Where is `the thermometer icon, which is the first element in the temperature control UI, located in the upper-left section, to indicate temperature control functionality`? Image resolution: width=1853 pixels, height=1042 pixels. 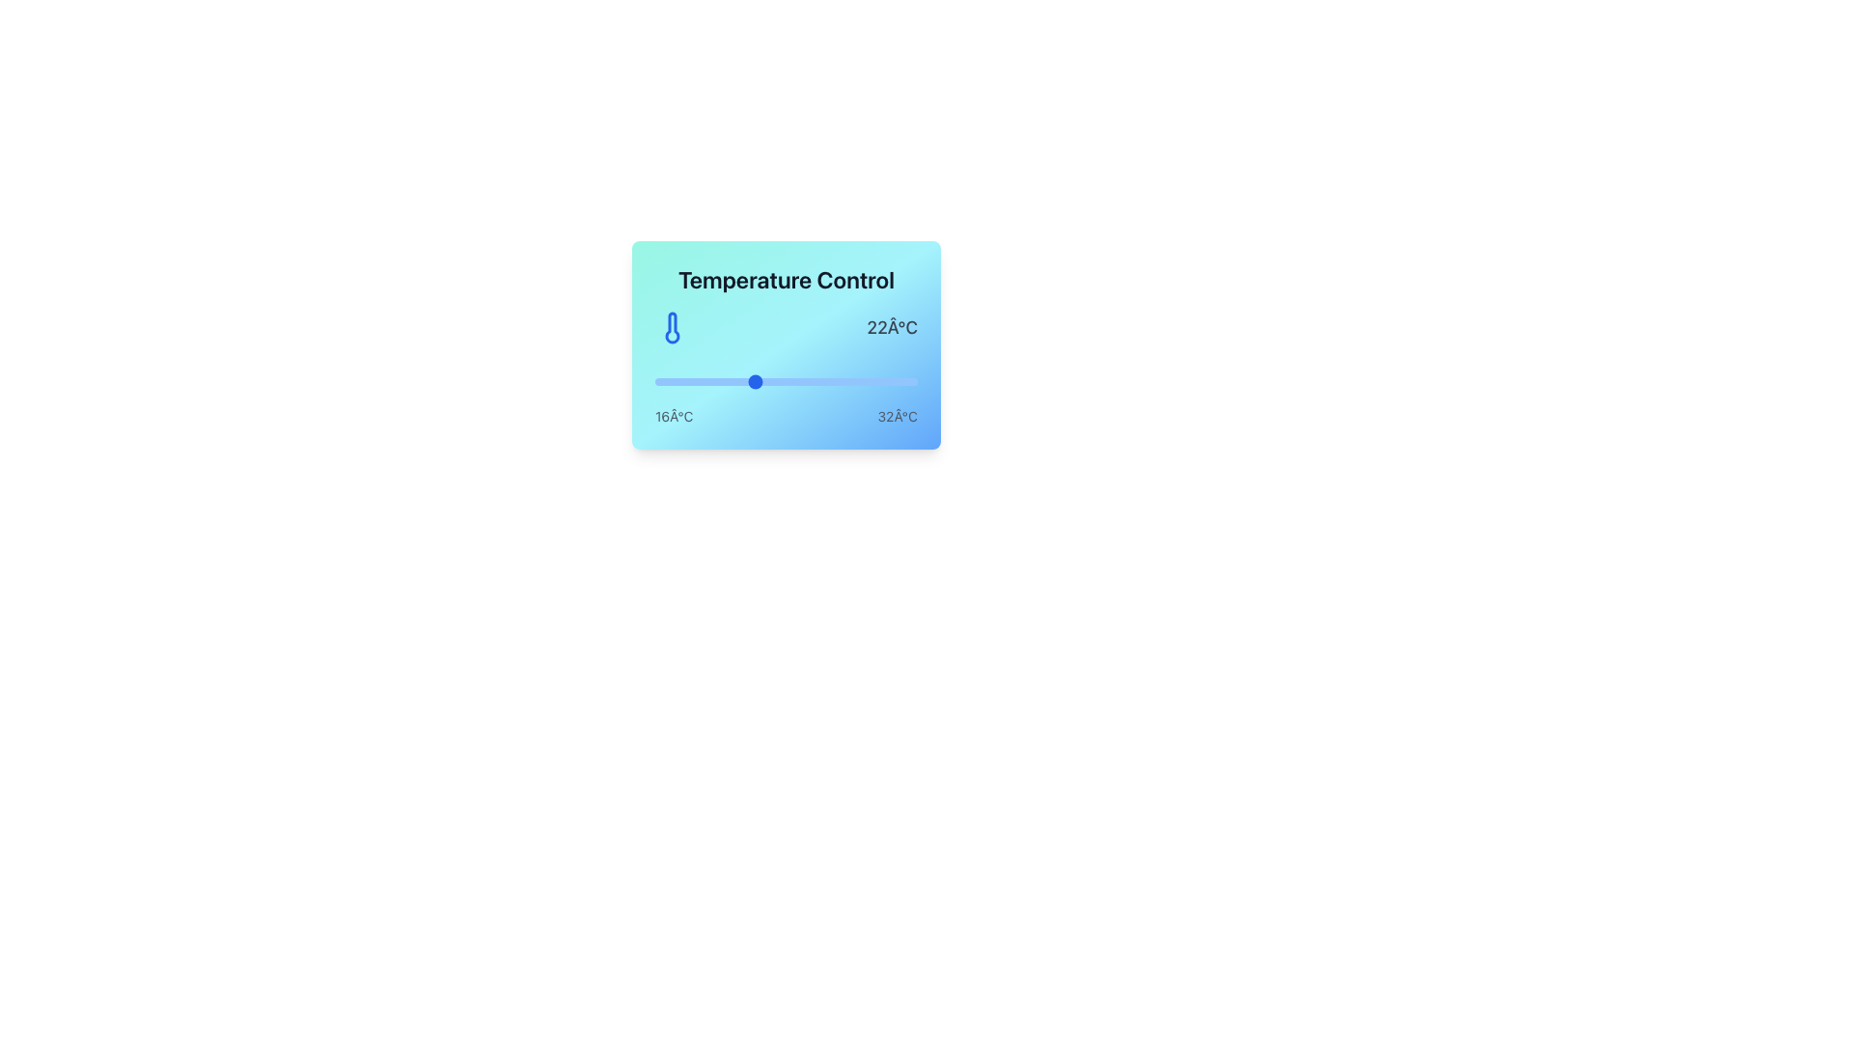
the thermometer icon, which is the first element in the temperature control UI, located in the upper-left section, to indicate temperature control functionality is located at coordinates (672, 326).